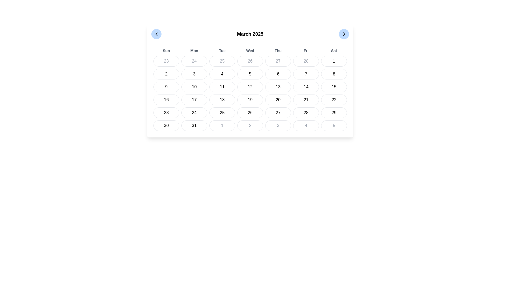 Image resolution: width=516 pixels, height=290 pixels. What do you see at coordinates (250, 100) in the screenshot?
I see `the interactive button representing the date March 19, 2025, located in the fourth row of the calendar grid, directly below 'Wed' and between '18' and '20'` at bounding box center [250, 100].